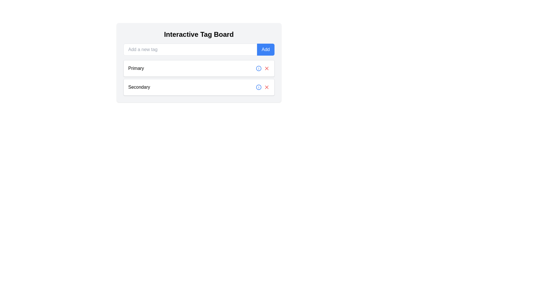 The height and width of the screenshot is (308, 549). I want to click on the small blue circular icon representing the 'information' feature located in the second row of the list, so click(258, 68).